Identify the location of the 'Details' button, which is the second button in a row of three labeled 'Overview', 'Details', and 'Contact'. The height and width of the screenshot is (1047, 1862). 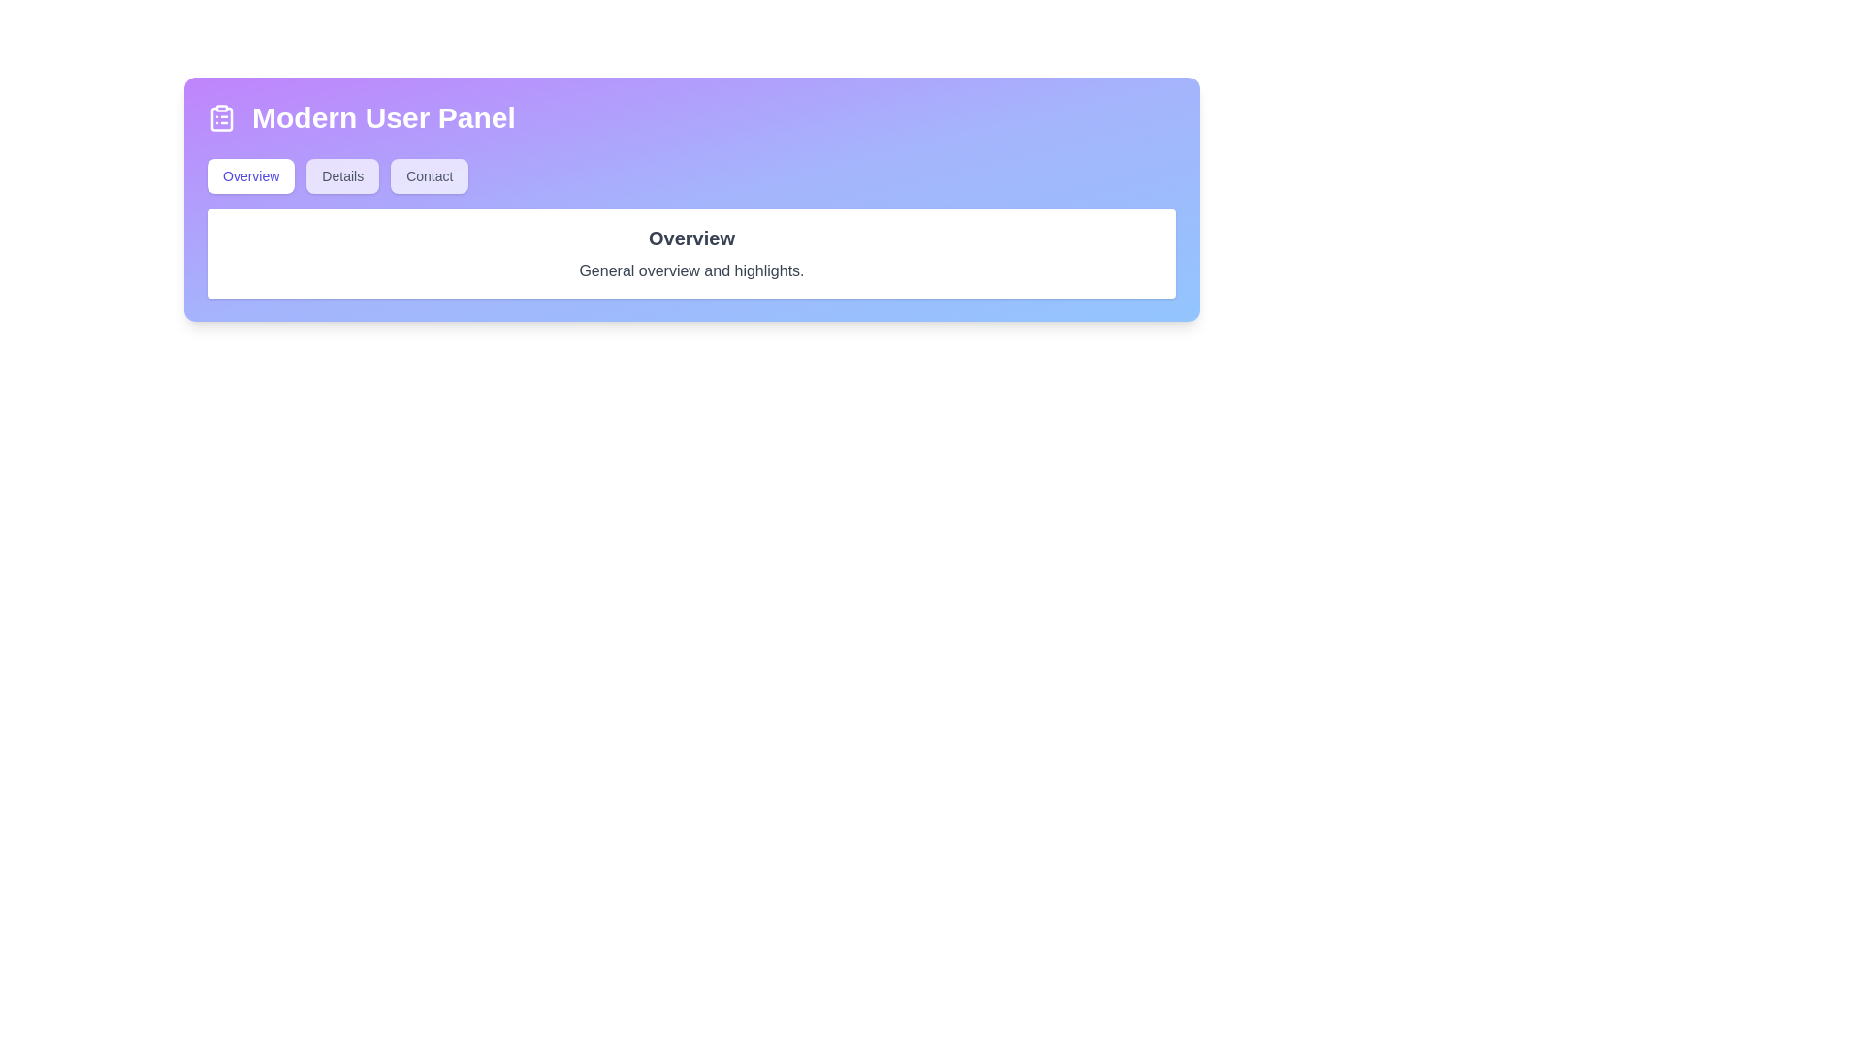
(342, 175).